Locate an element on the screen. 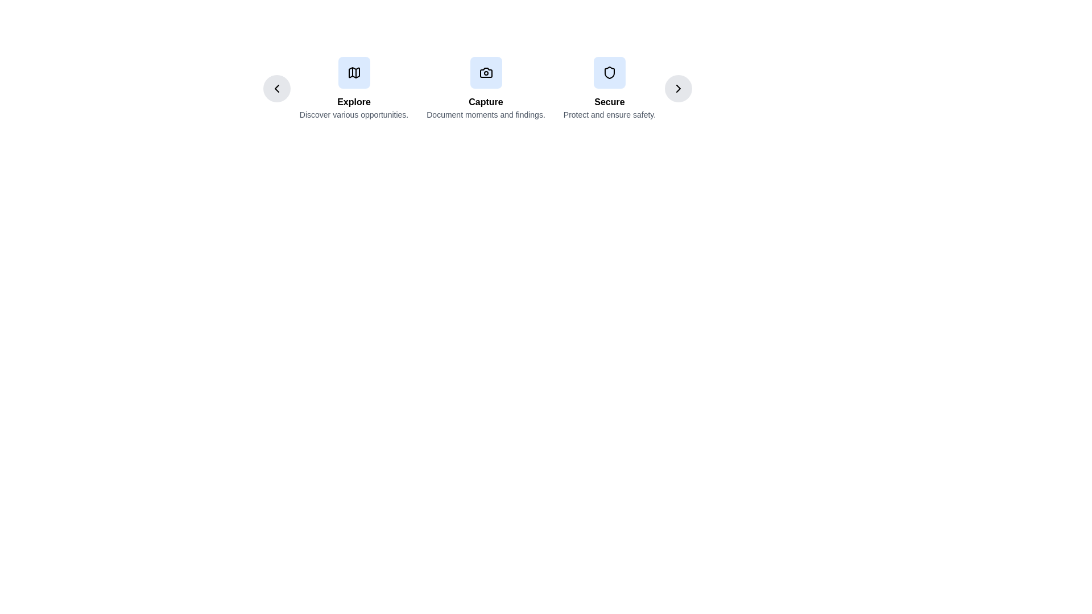 The width and height of the screenshot is (1092, 614). the shield icon representing the 'Secure' feature located in the blue-rounded rectangle in the third position from the left is located at coordinates (609, 72).